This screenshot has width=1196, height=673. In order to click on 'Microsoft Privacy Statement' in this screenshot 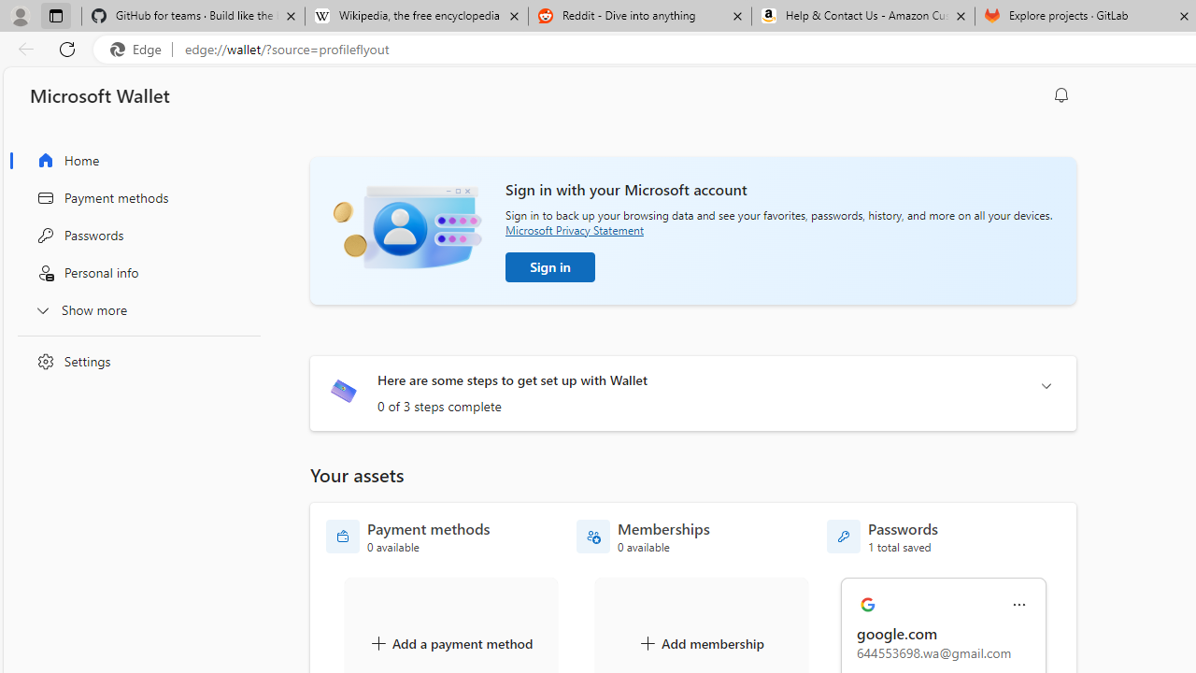, I will do `click(574, 229)`.